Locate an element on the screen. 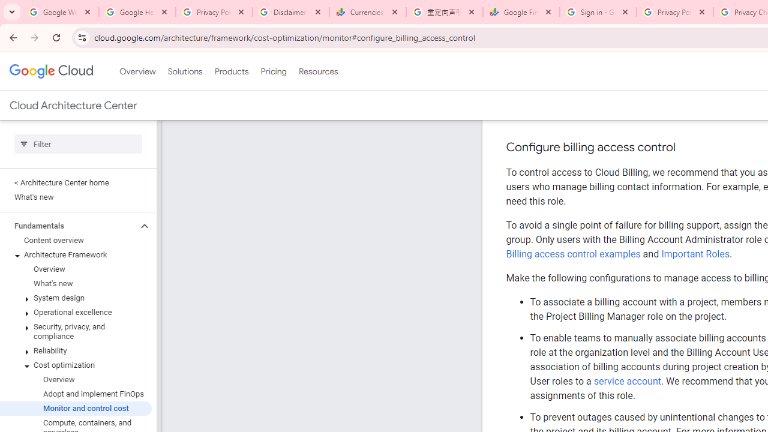 Image resolution: width=768 pixels, height=432 pixels. 'Resources' is located at coordinates (318, 71).